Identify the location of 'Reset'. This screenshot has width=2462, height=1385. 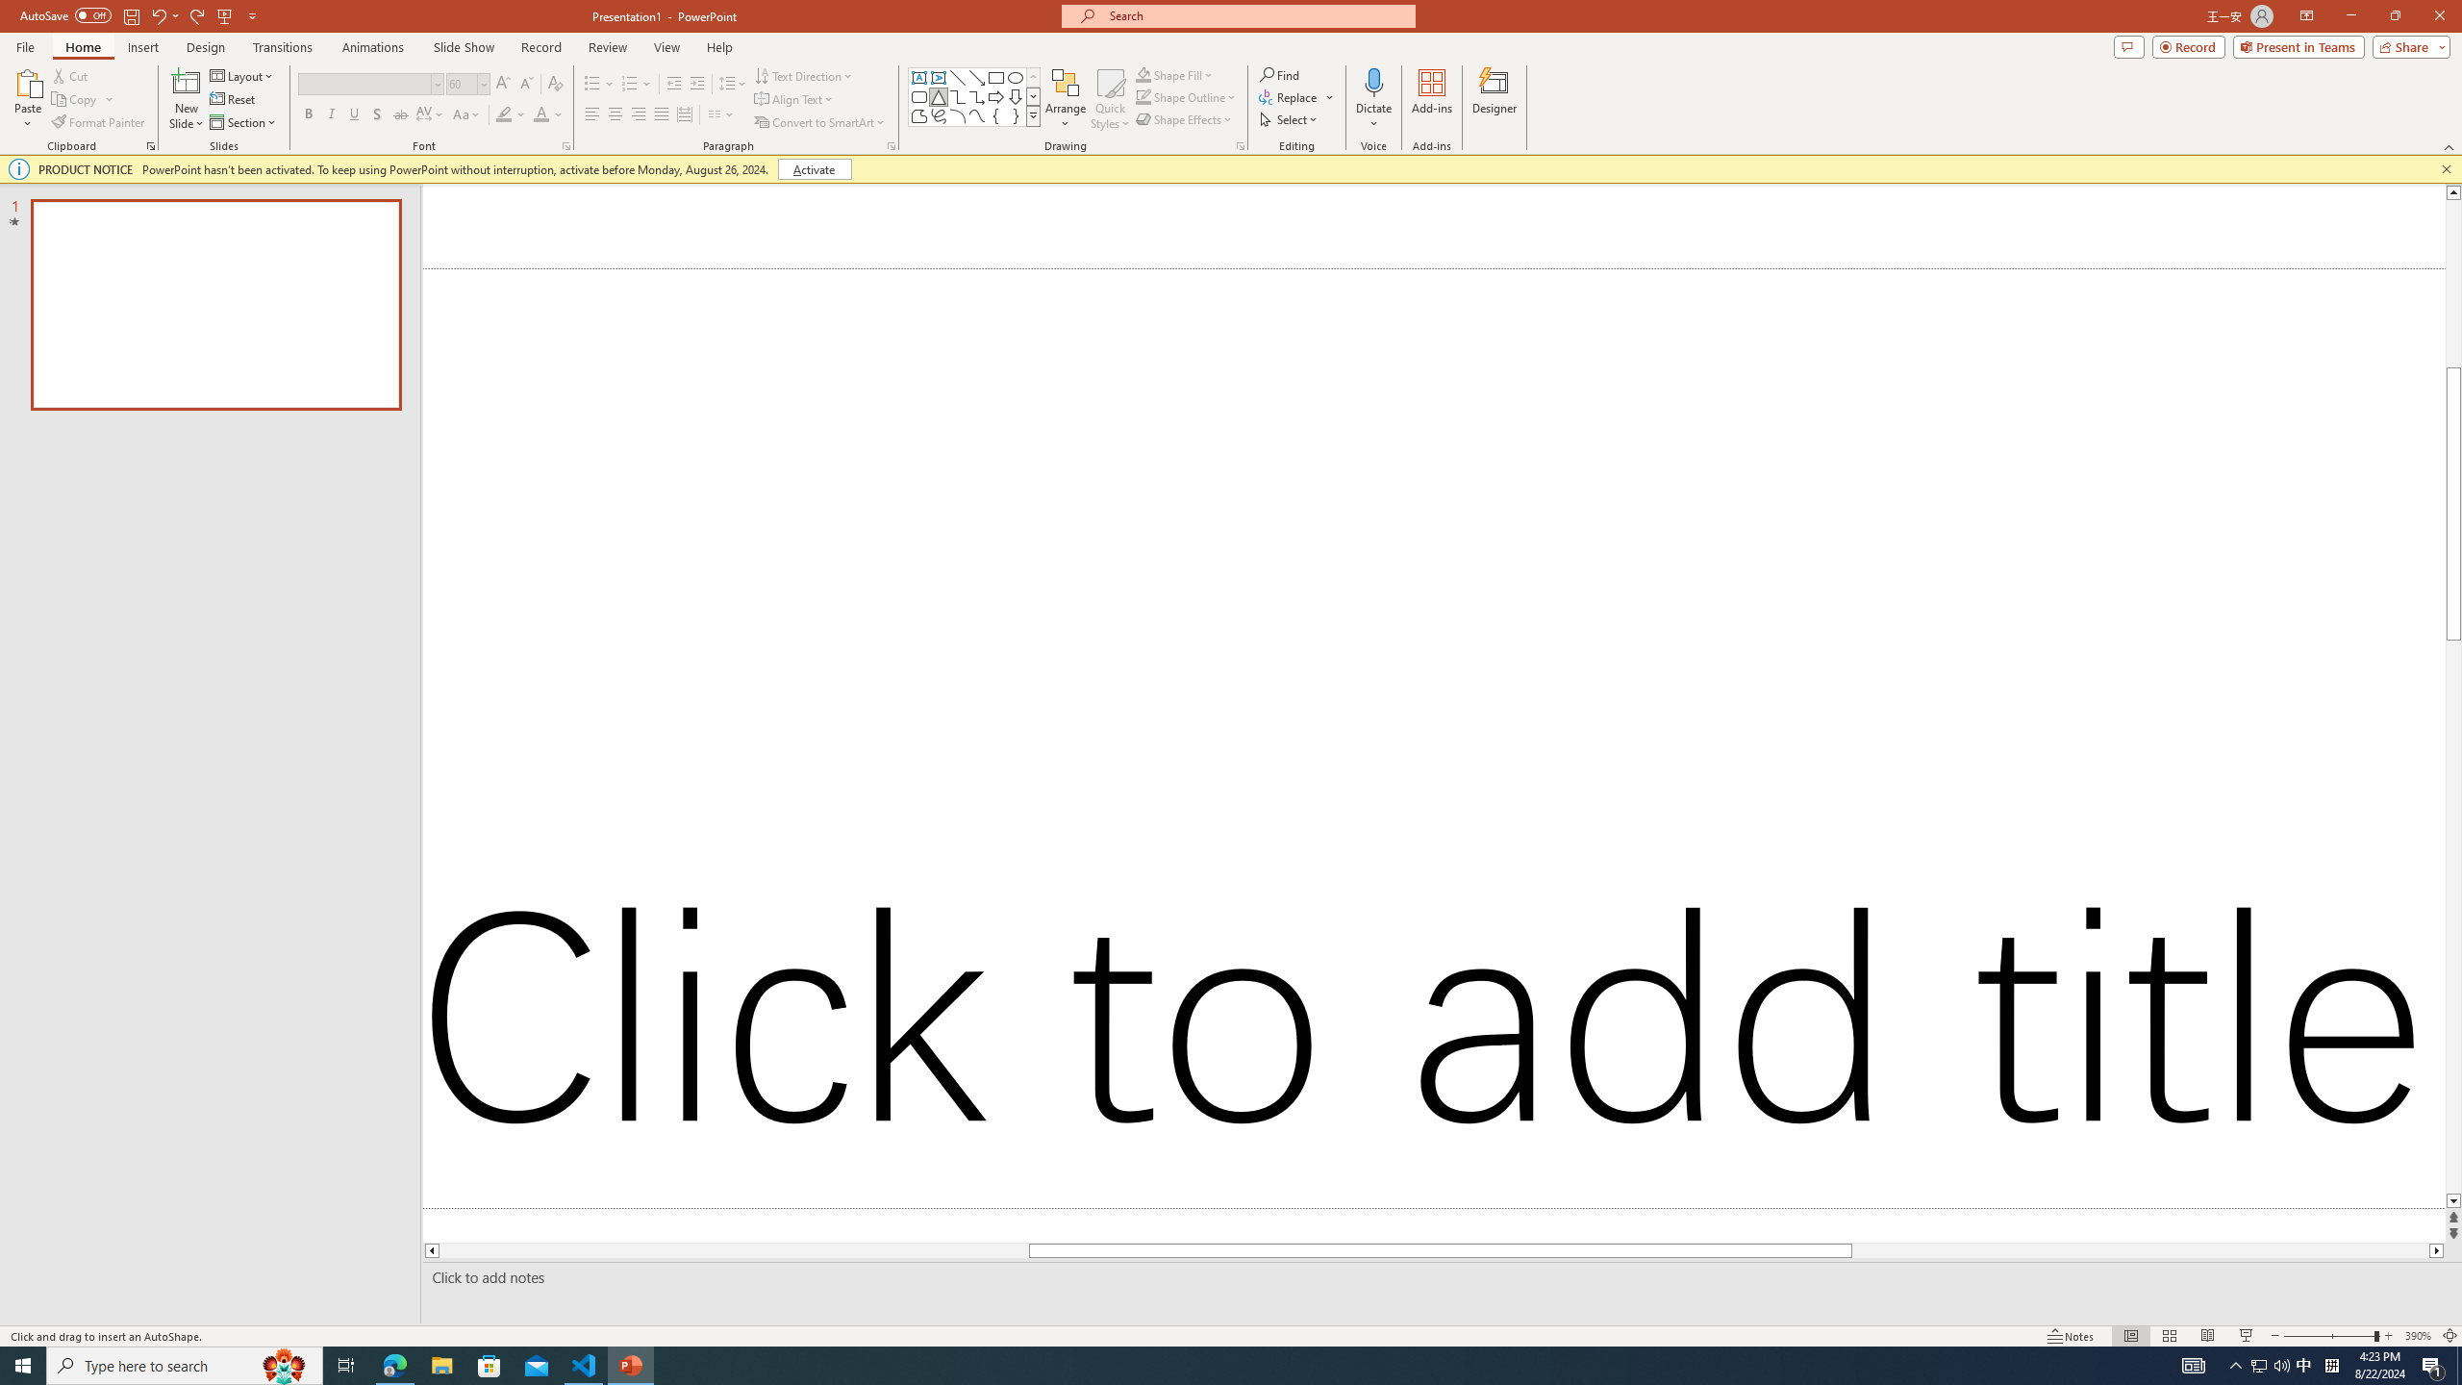
(233, 99).